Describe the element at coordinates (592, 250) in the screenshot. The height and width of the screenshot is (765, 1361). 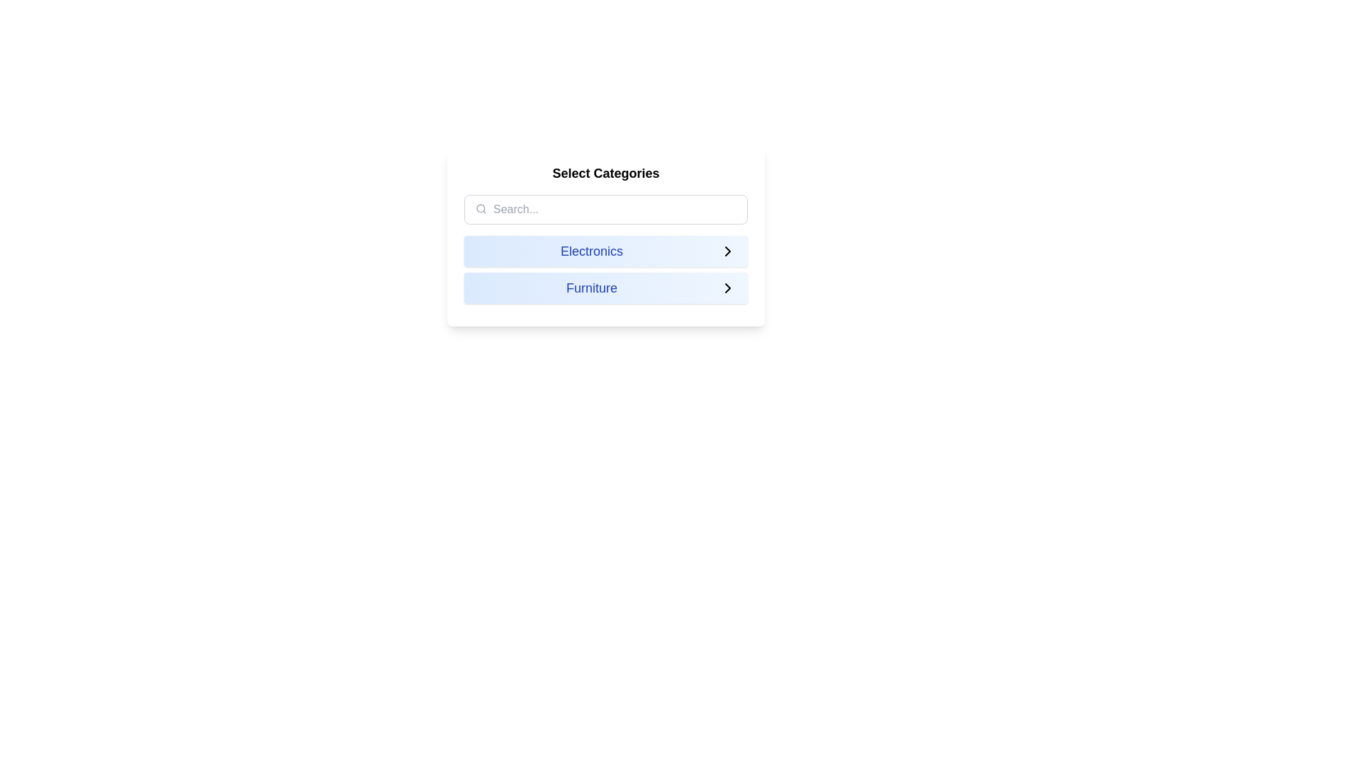
I see `the 'Electronics' category label text inside the button` at that location.